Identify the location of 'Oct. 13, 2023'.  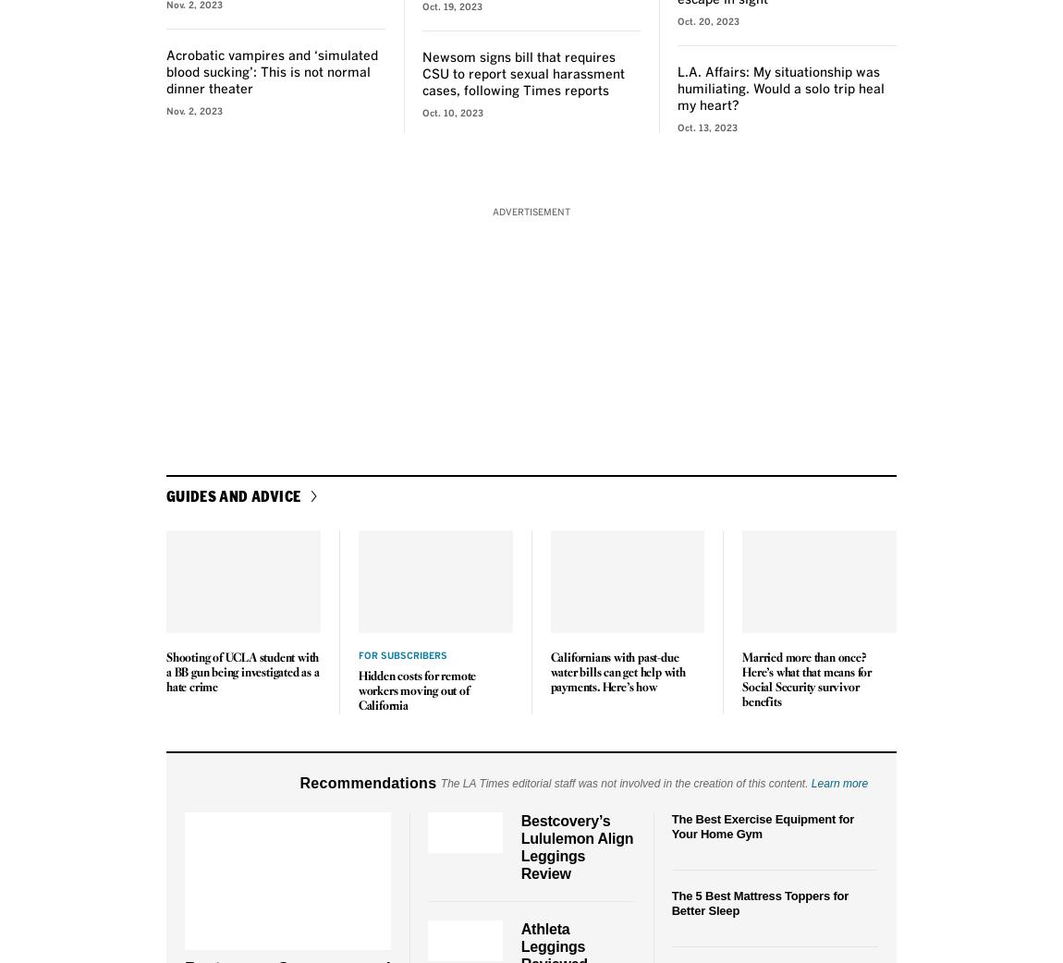
(677, 127).